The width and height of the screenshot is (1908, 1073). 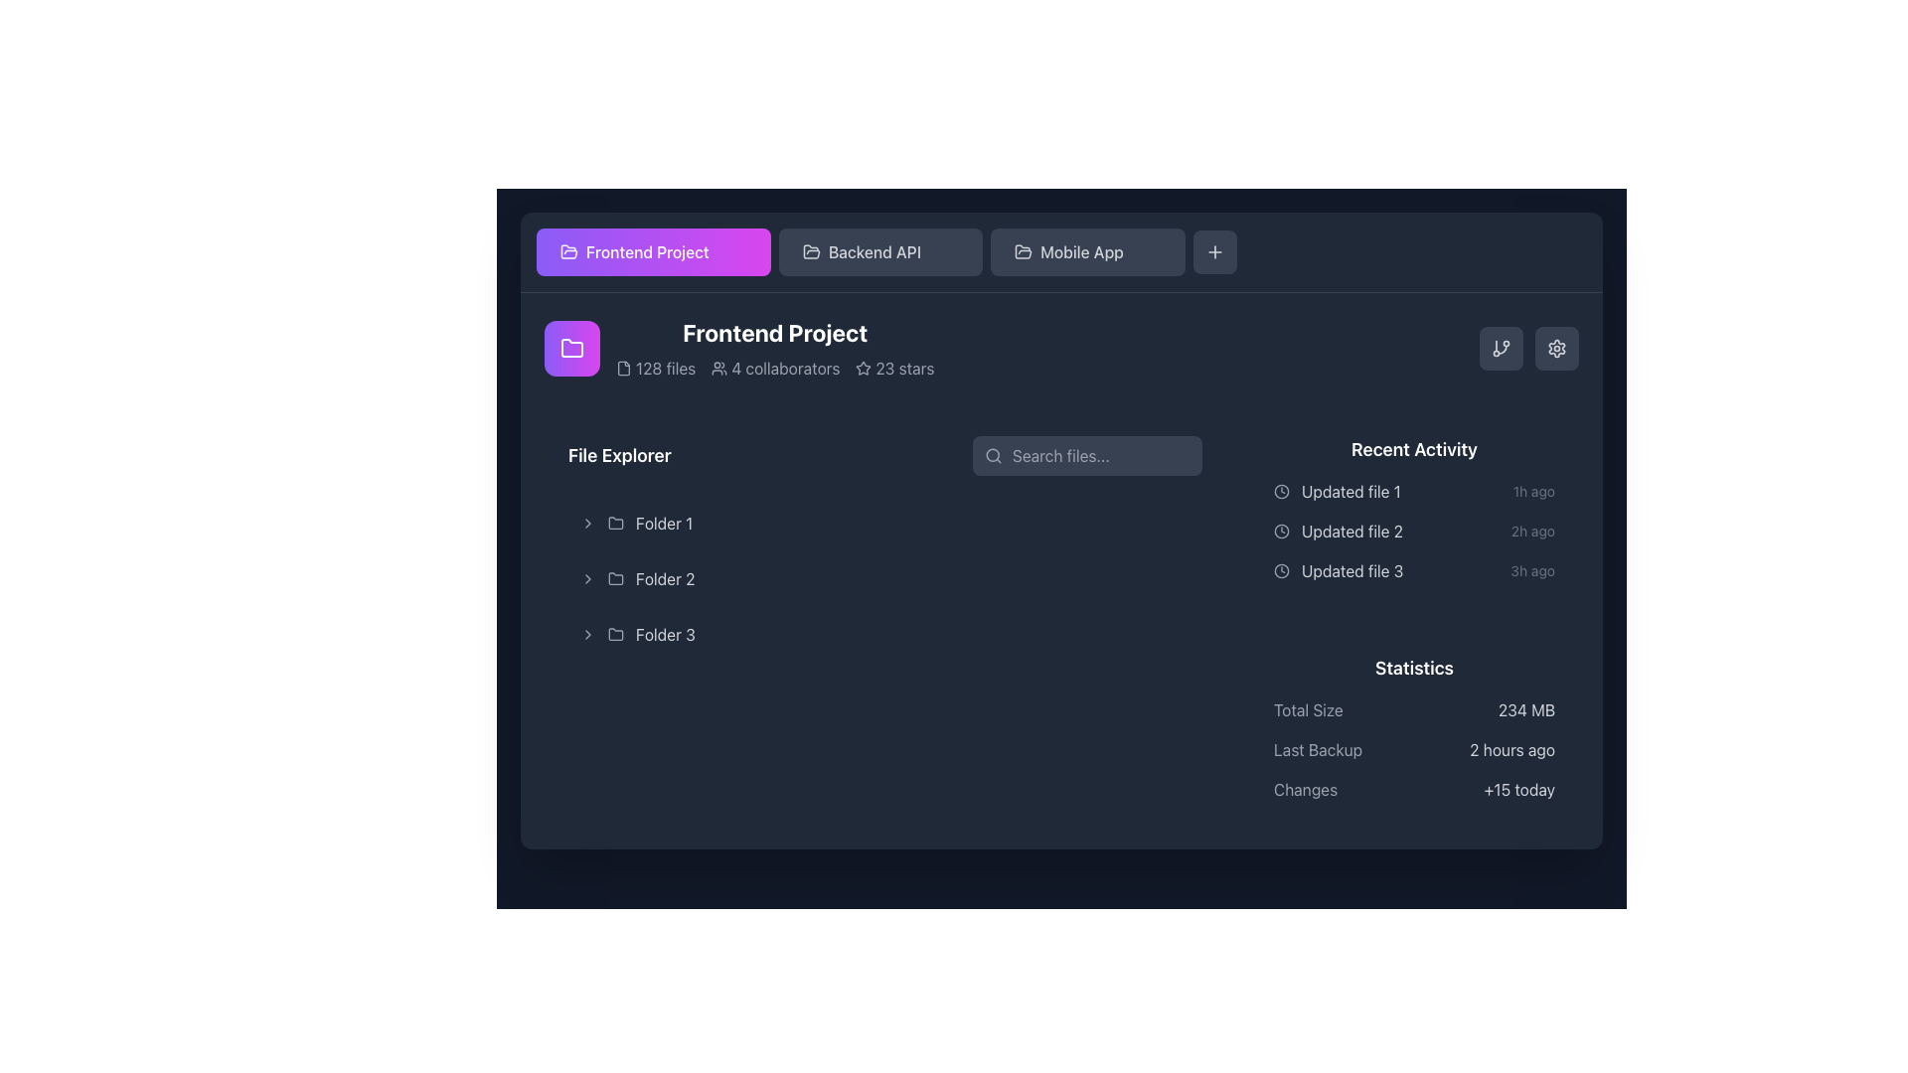 I want to click on the search bar text input field within the File Explorer interface to focus on it, so click(x=1086, y=456).